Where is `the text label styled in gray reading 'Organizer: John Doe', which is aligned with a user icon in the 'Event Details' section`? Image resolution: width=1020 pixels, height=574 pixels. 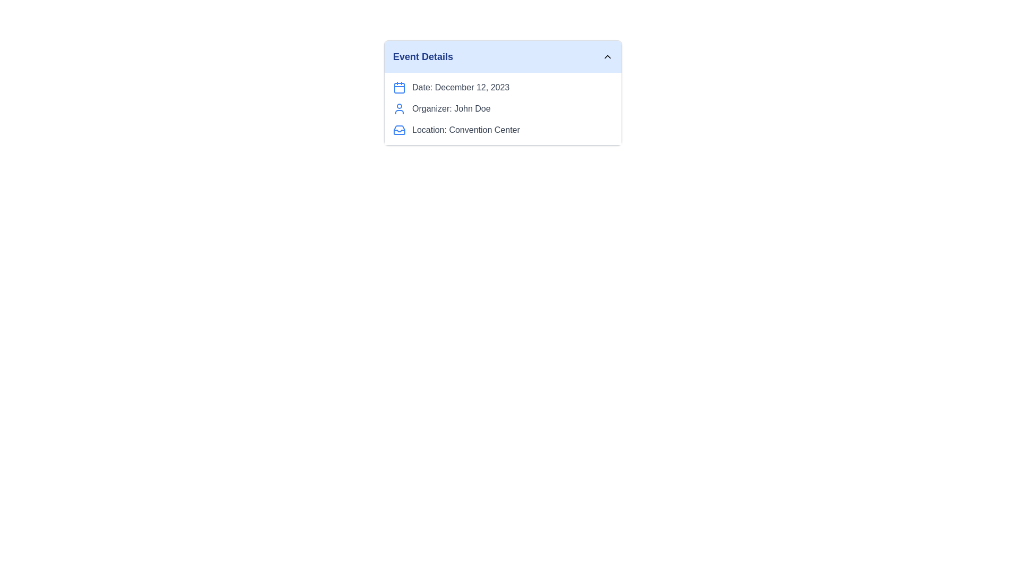
the text label styled in gray reading 'Organizer: John Doe', which is aligned with a user icon in the 'Event Details' section is located at coordinates (451, 108).